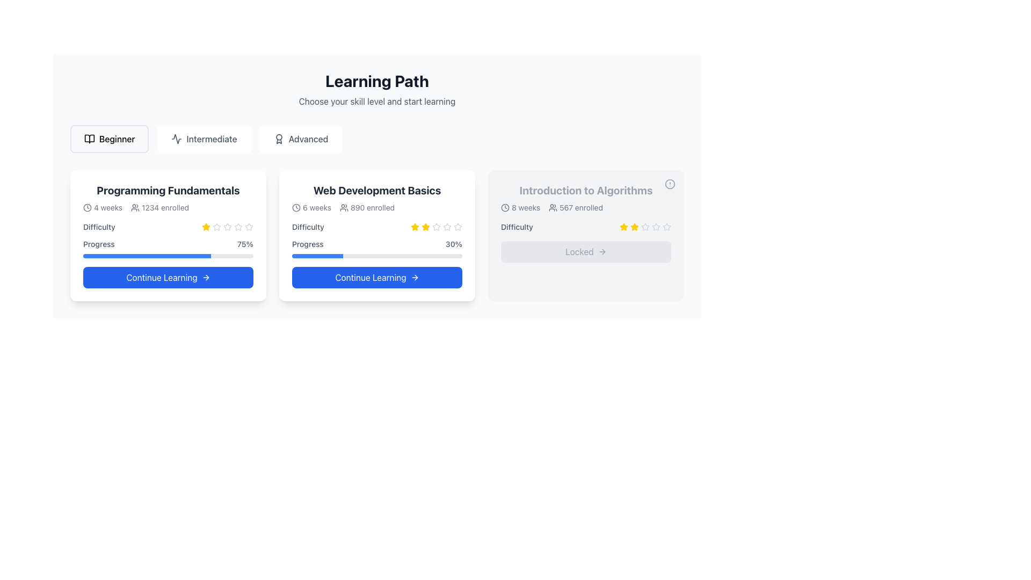 The image size is (1031, 580). What do you see at coordinates (311, 207) in the screenshot?
I see `the static text element displaying '6 weeks' with a clock icon in the top-left corner of the 'Web Development Basics' card` at bounding box center [311, 207].